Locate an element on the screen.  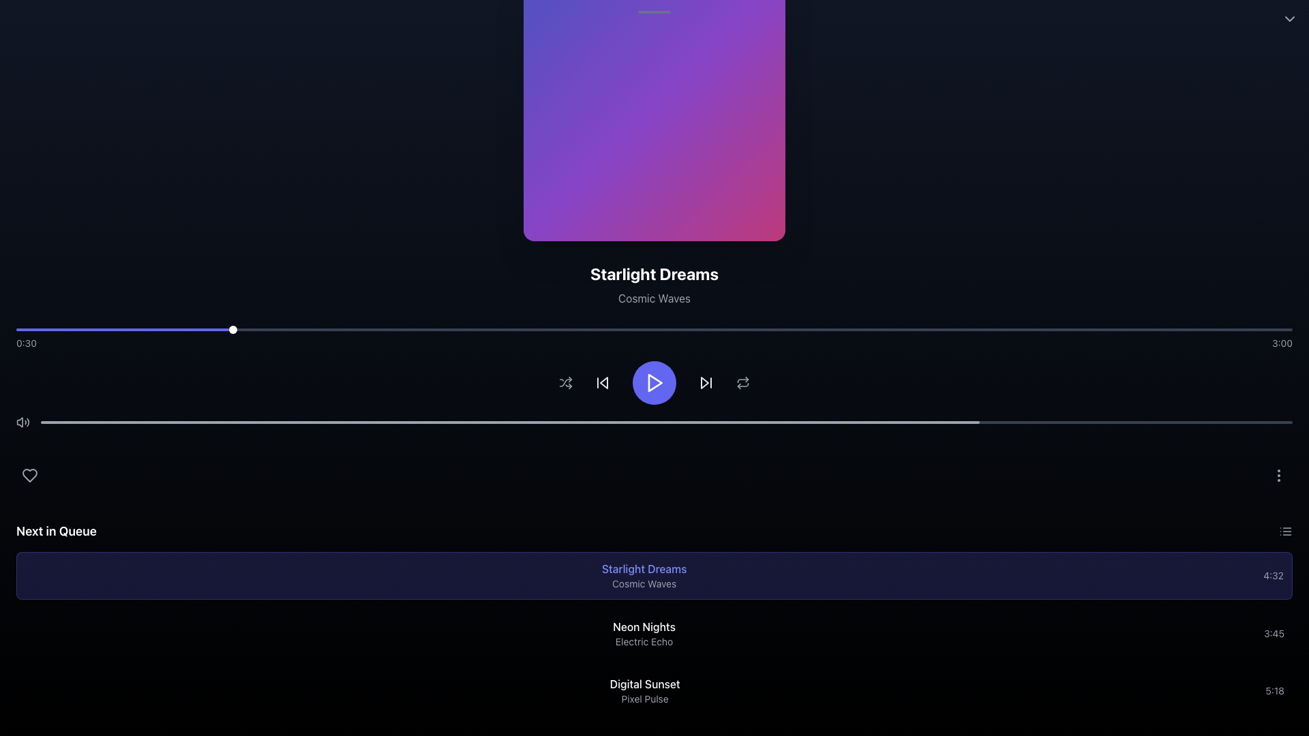
playback position is located at coordinates (306, 329).